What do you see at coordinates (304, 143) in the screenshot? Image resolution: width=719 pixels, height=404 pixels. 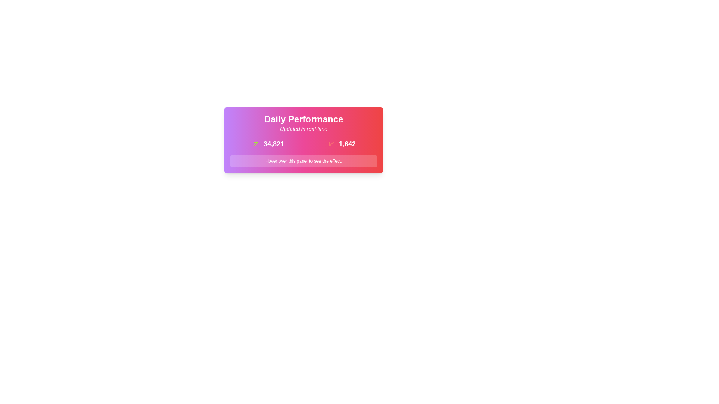 I see `the Performance Metrics Display that shows '34,821' on the left with a green upward arrow and '1,642' on the right with a red downward arrow, located below the 'Updated in real-time' subtitle` at bounding box center [304, 143].